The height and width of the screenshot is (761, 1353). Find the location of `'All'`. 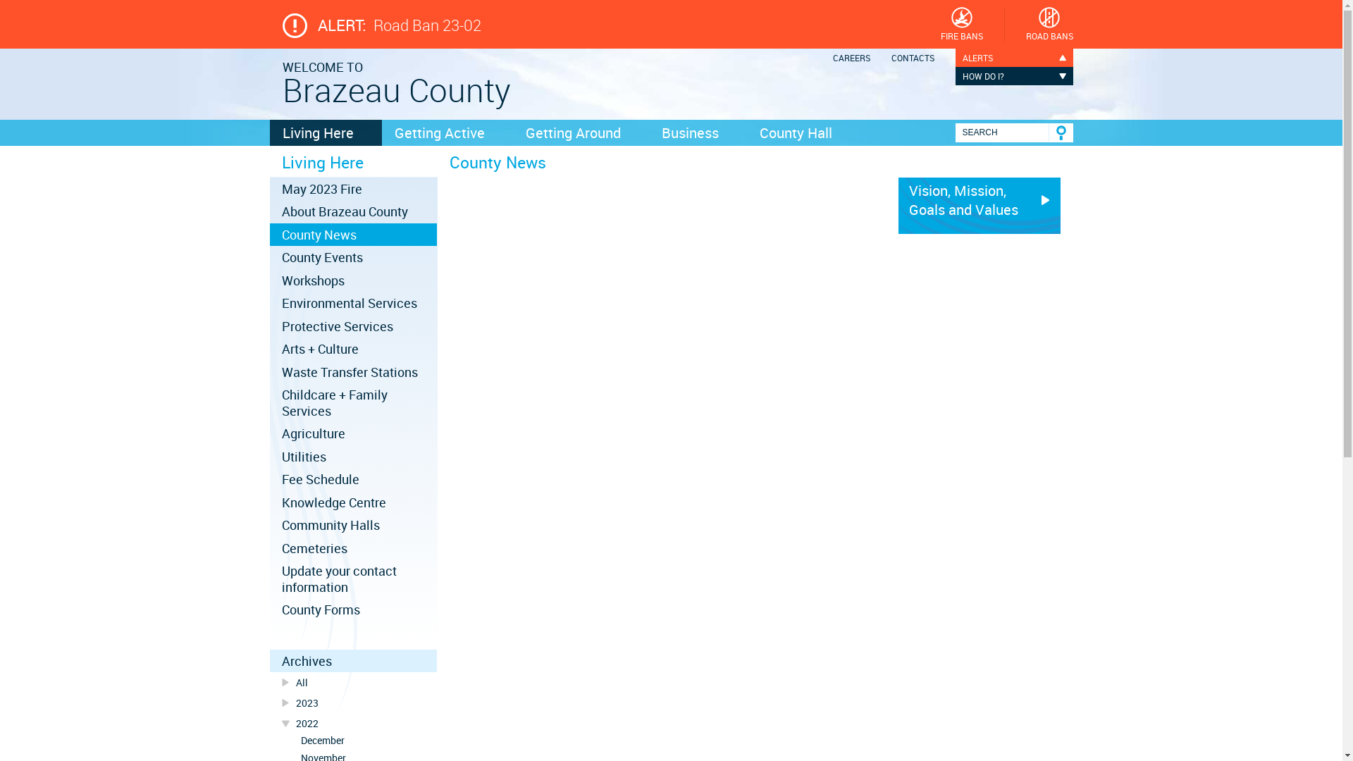

'All' is located at coordinates (352, 681).